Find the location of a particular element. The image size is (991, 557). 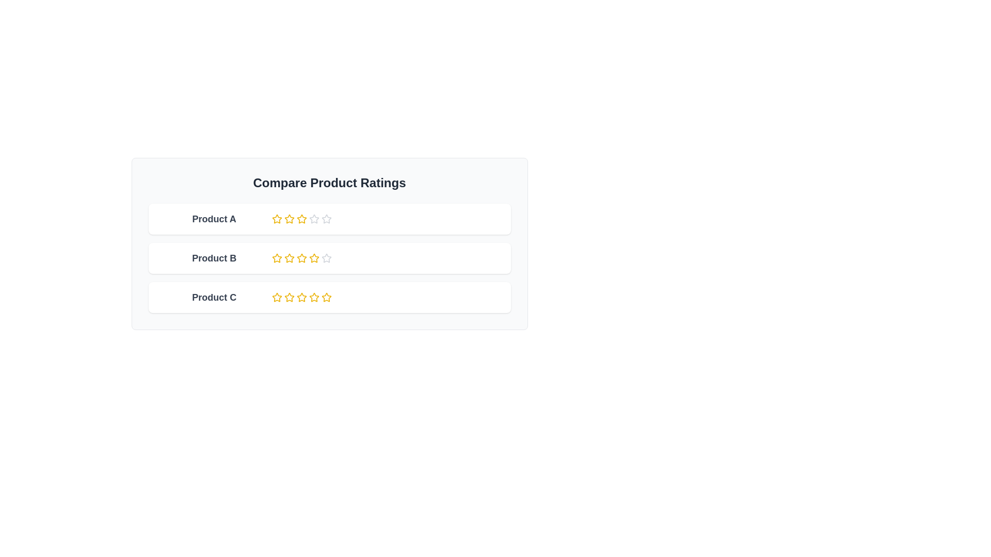

the fourth rating star icon for 'Product A' is located at coordinates (326, 218).